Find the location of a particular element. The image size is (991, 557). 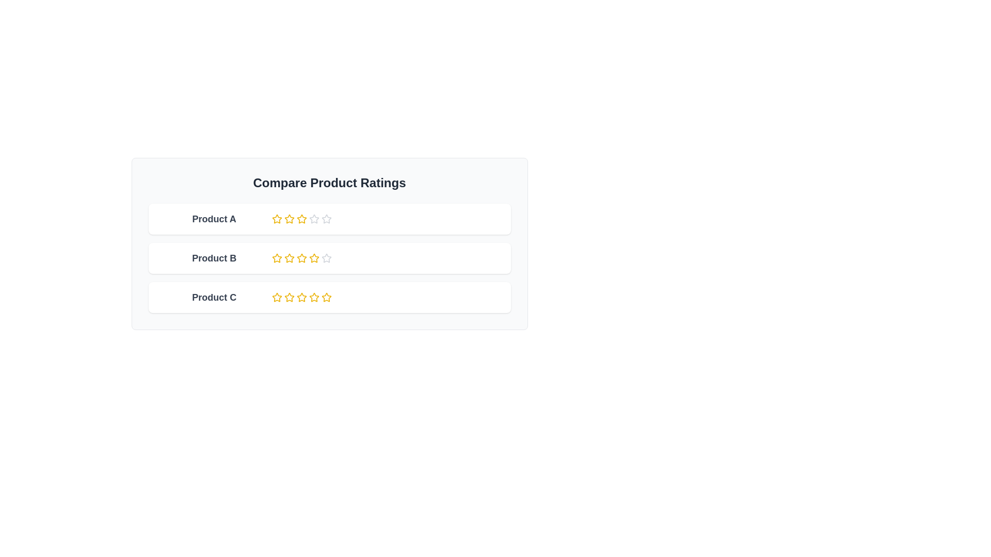

the fourth rating star icon for 'Product A' is located at coordinates (326, 218).